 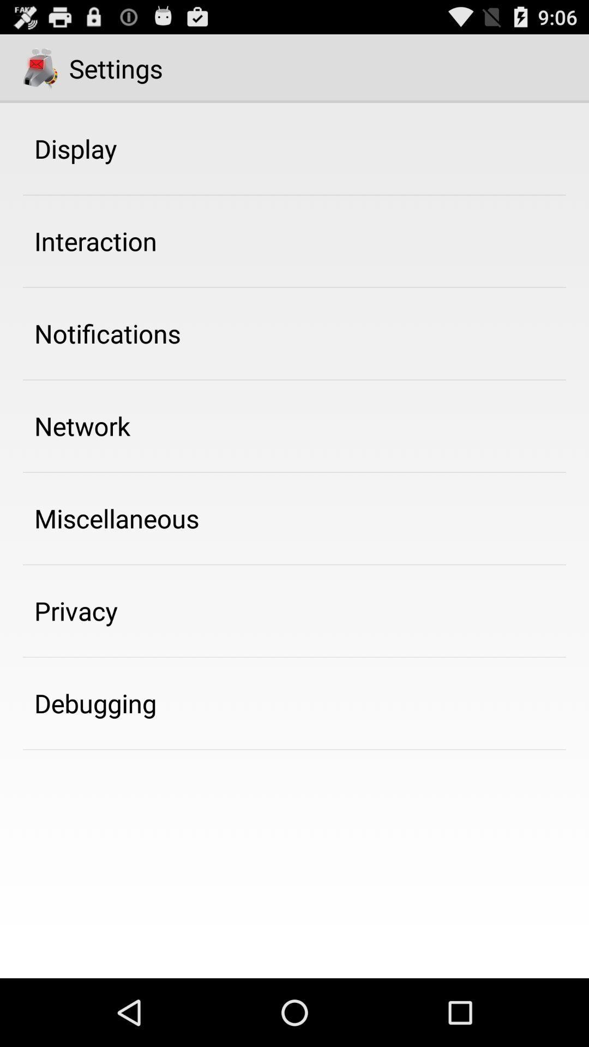 I want to click on item above privacy, so click(x=117, y=518).